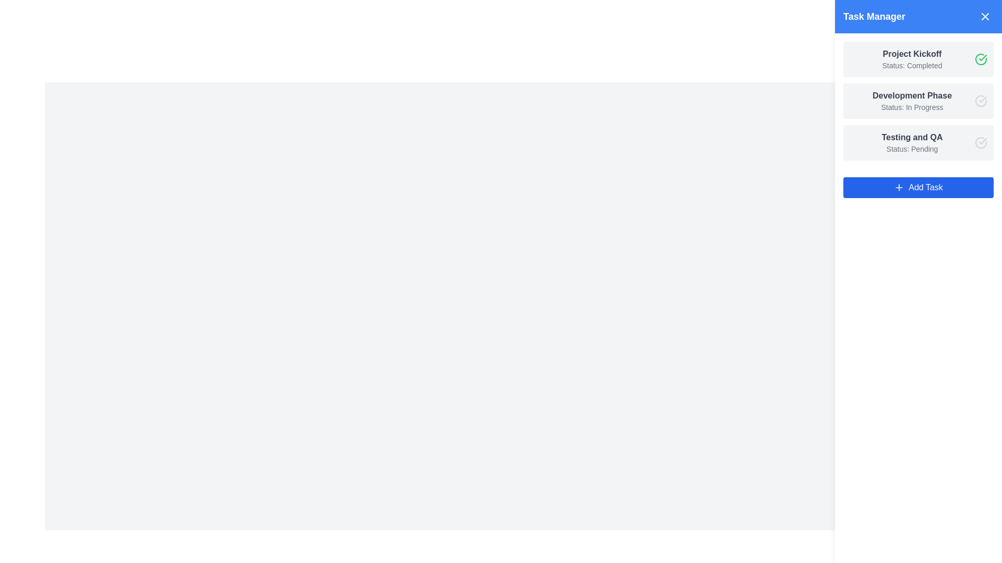 The image size is (1002, 563). I want to click on the Text block displaying the title and completion status of a task for accessibility in the Task Manager section, located in the top-right corner of the interface, so click(911, 59).